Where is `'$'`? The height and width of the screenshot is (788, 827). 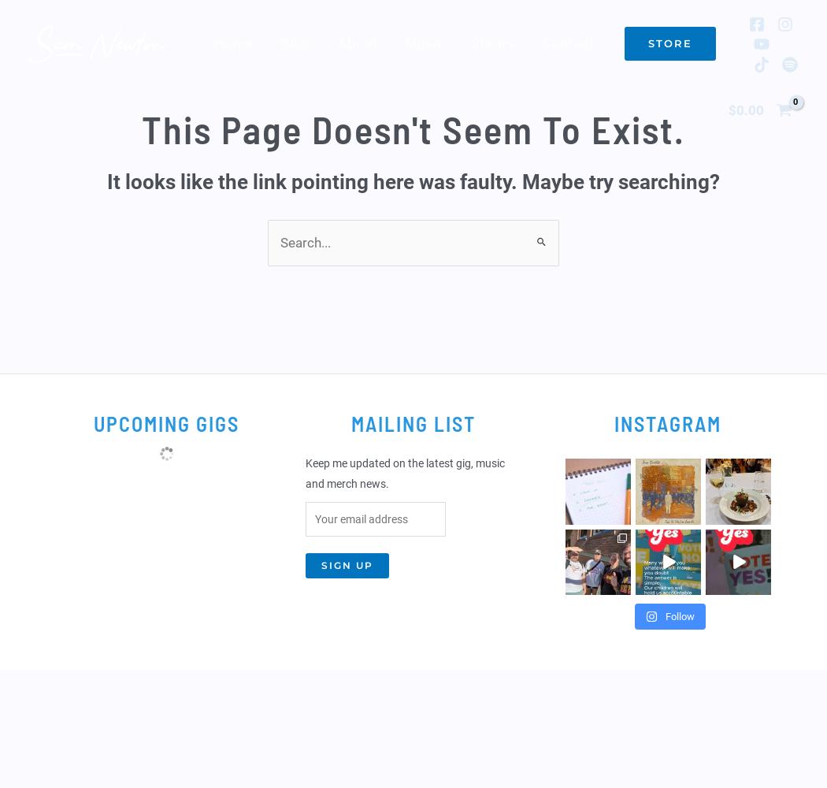 '$' is located at coordinates (728, 110).